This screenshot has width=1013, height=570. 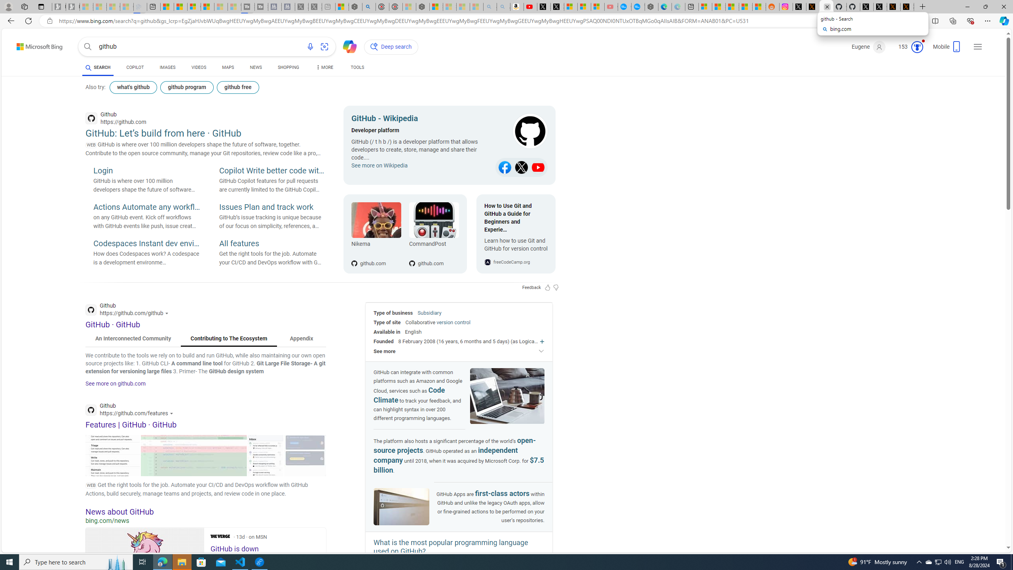 What do you see at coordinates (914, 21) in the screenshot?
I see `'Add this page to favorites (Ctrl+D)'` at bounding box center [914, 21].